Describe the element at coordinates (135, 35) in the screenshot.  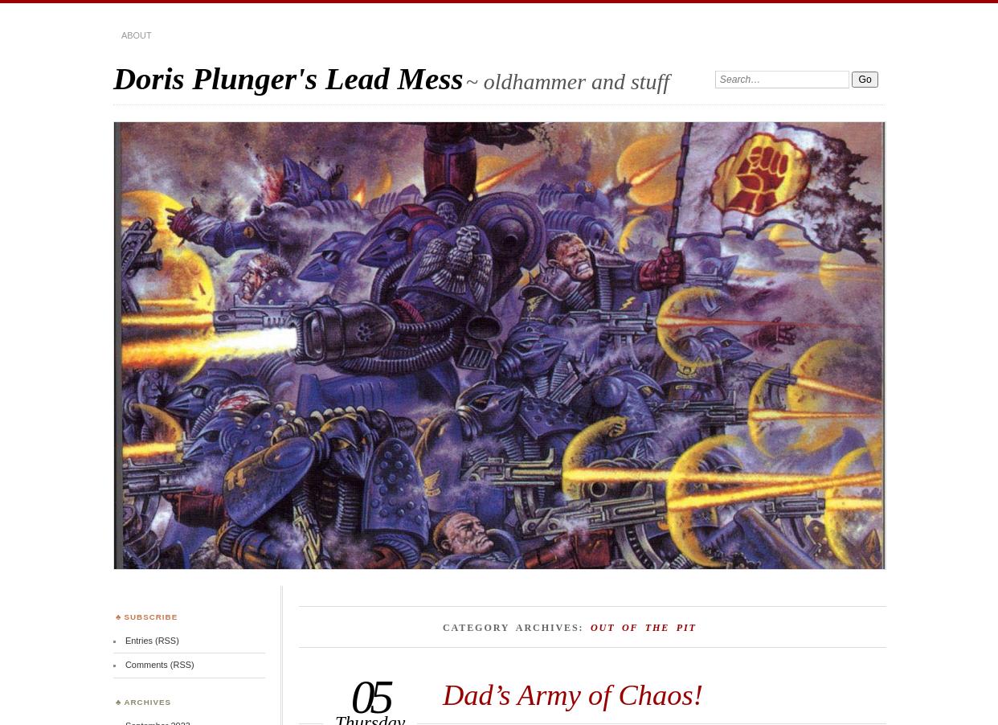
I see `'About'` at that location.